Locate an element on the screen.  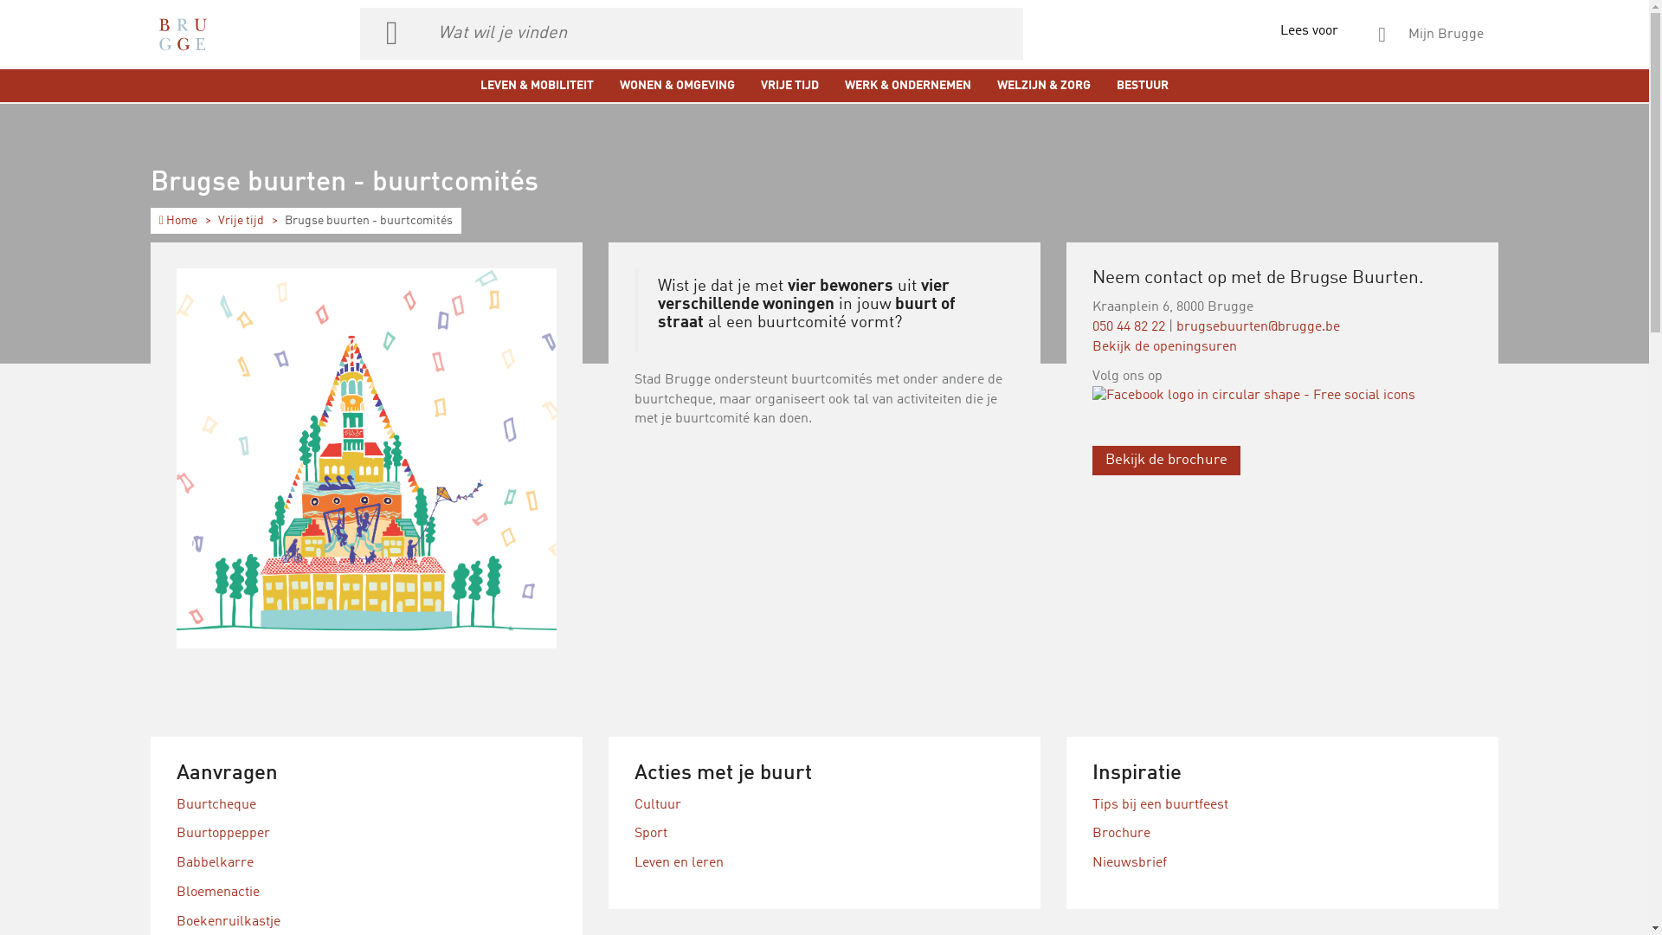
'Babbelkarre' is located at coordinates (214, 862).